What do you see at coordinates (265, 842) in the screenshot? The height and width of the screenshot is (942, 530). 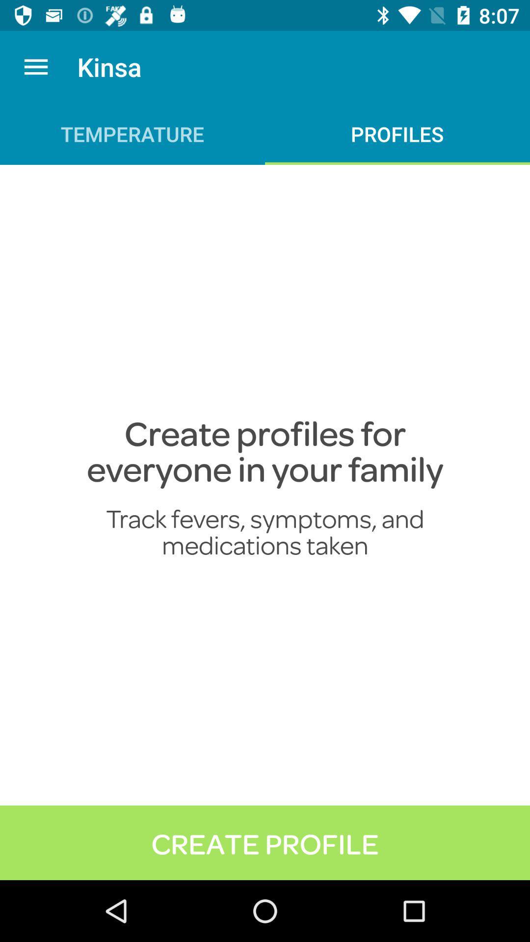 I see `create profile item` at bounding box center [265, 842].